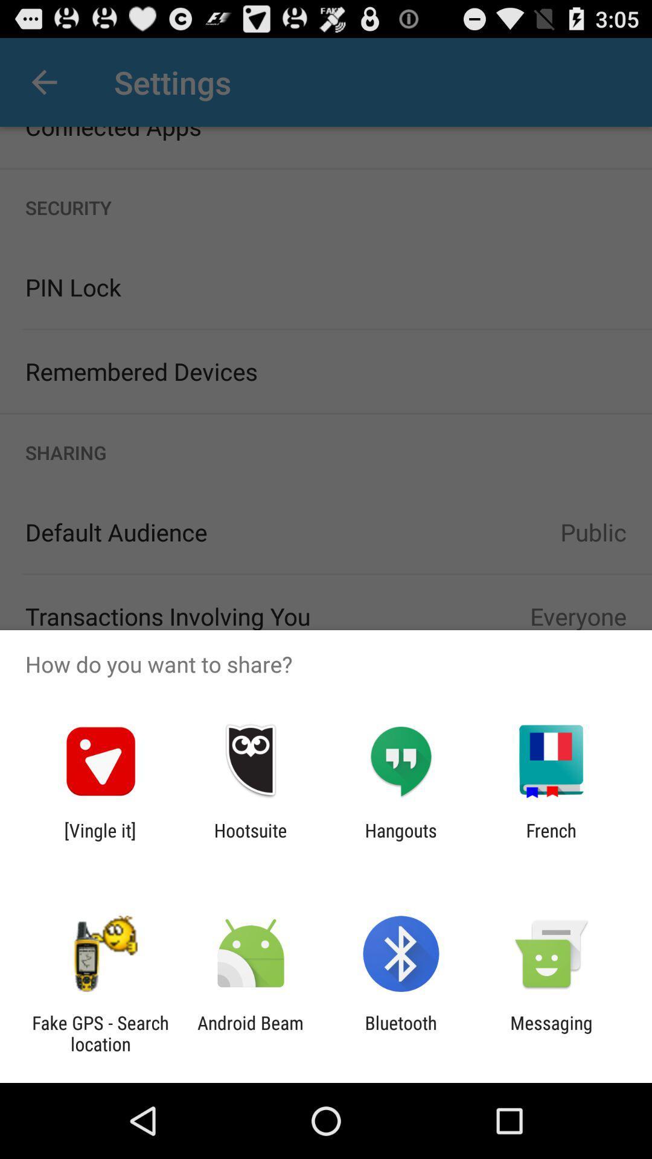  What do you see at coordinates (250, 840) in the screenshot?
I see `hootsuite` at bounding box center [250, 840].